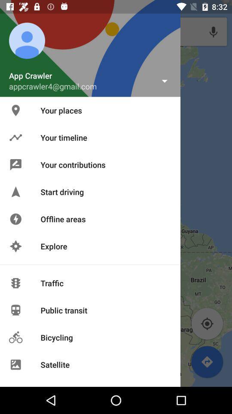  What do you see at coordinates (207, 362) in the screenshot?
I see `the direction icon` at bounding box center [207, 362].